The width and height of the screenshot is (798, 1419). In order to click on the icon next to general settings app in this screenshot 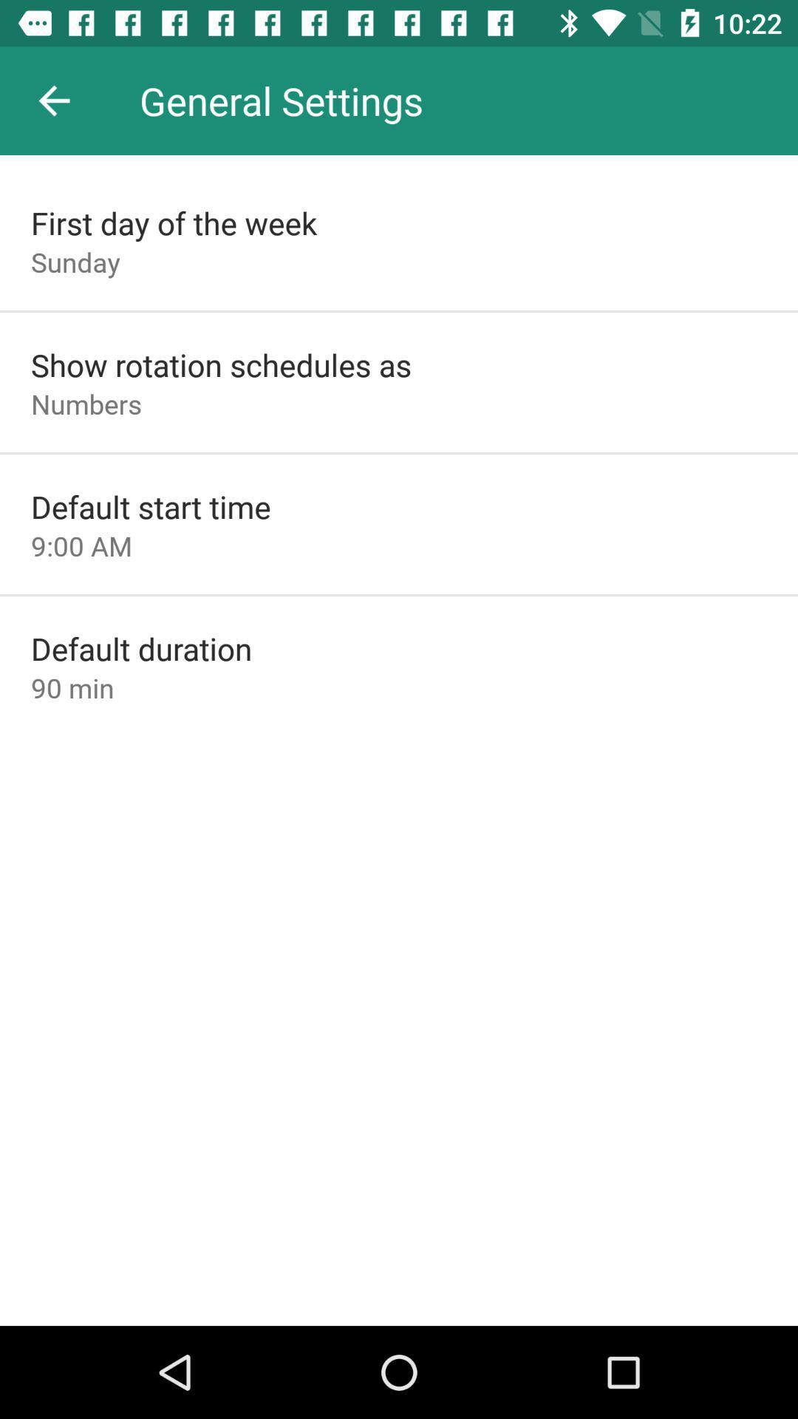, I will do `click(53, 100)`.